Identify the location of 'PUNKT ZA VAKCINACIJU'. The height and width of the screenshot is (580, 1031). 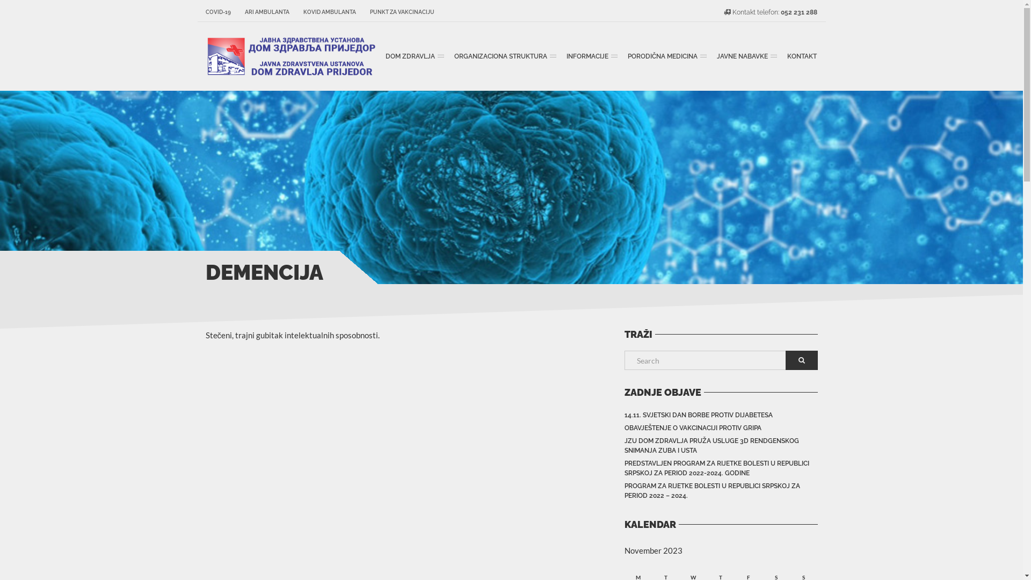
(398, 12).